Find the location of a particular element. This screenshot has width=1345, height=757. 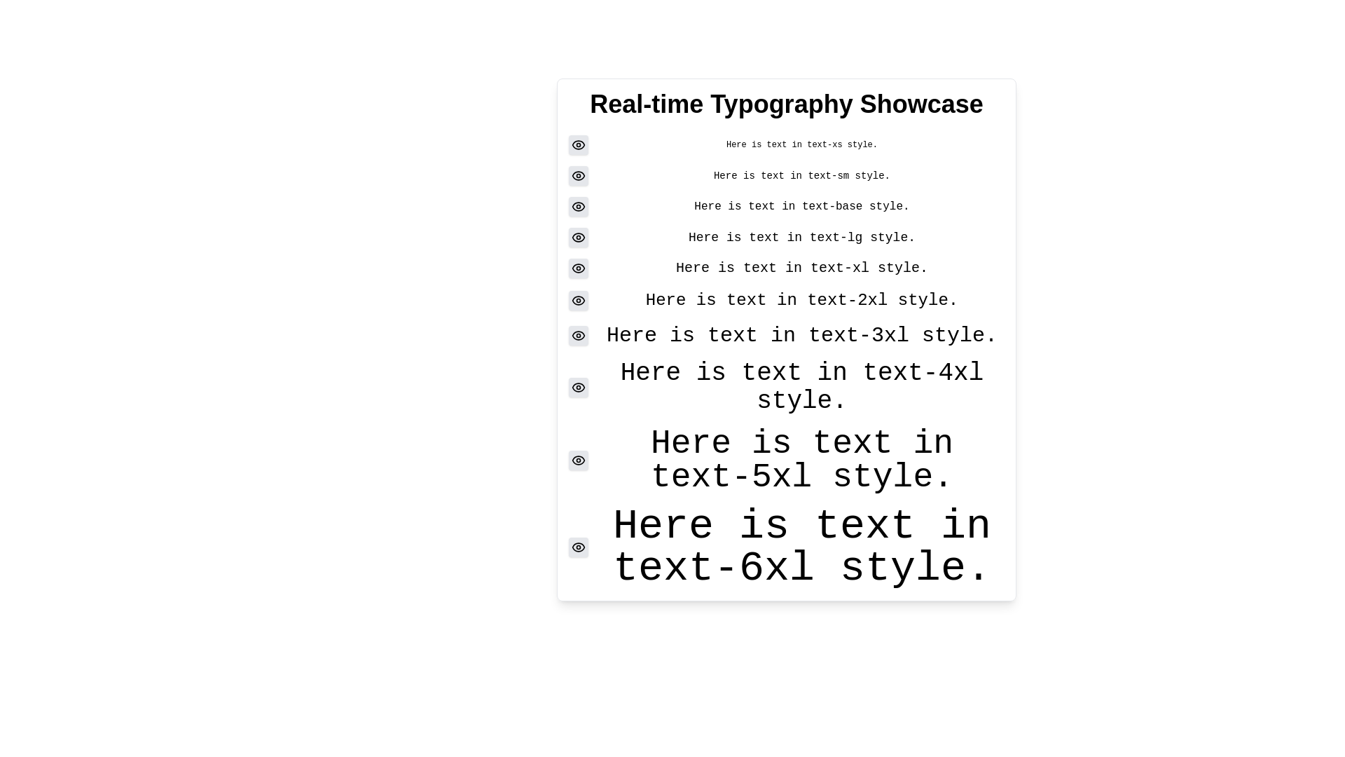

the toggle visibility button located to the left of the text component reading 'Here is text in text-2xl style' is located at coordinates (578, 299).